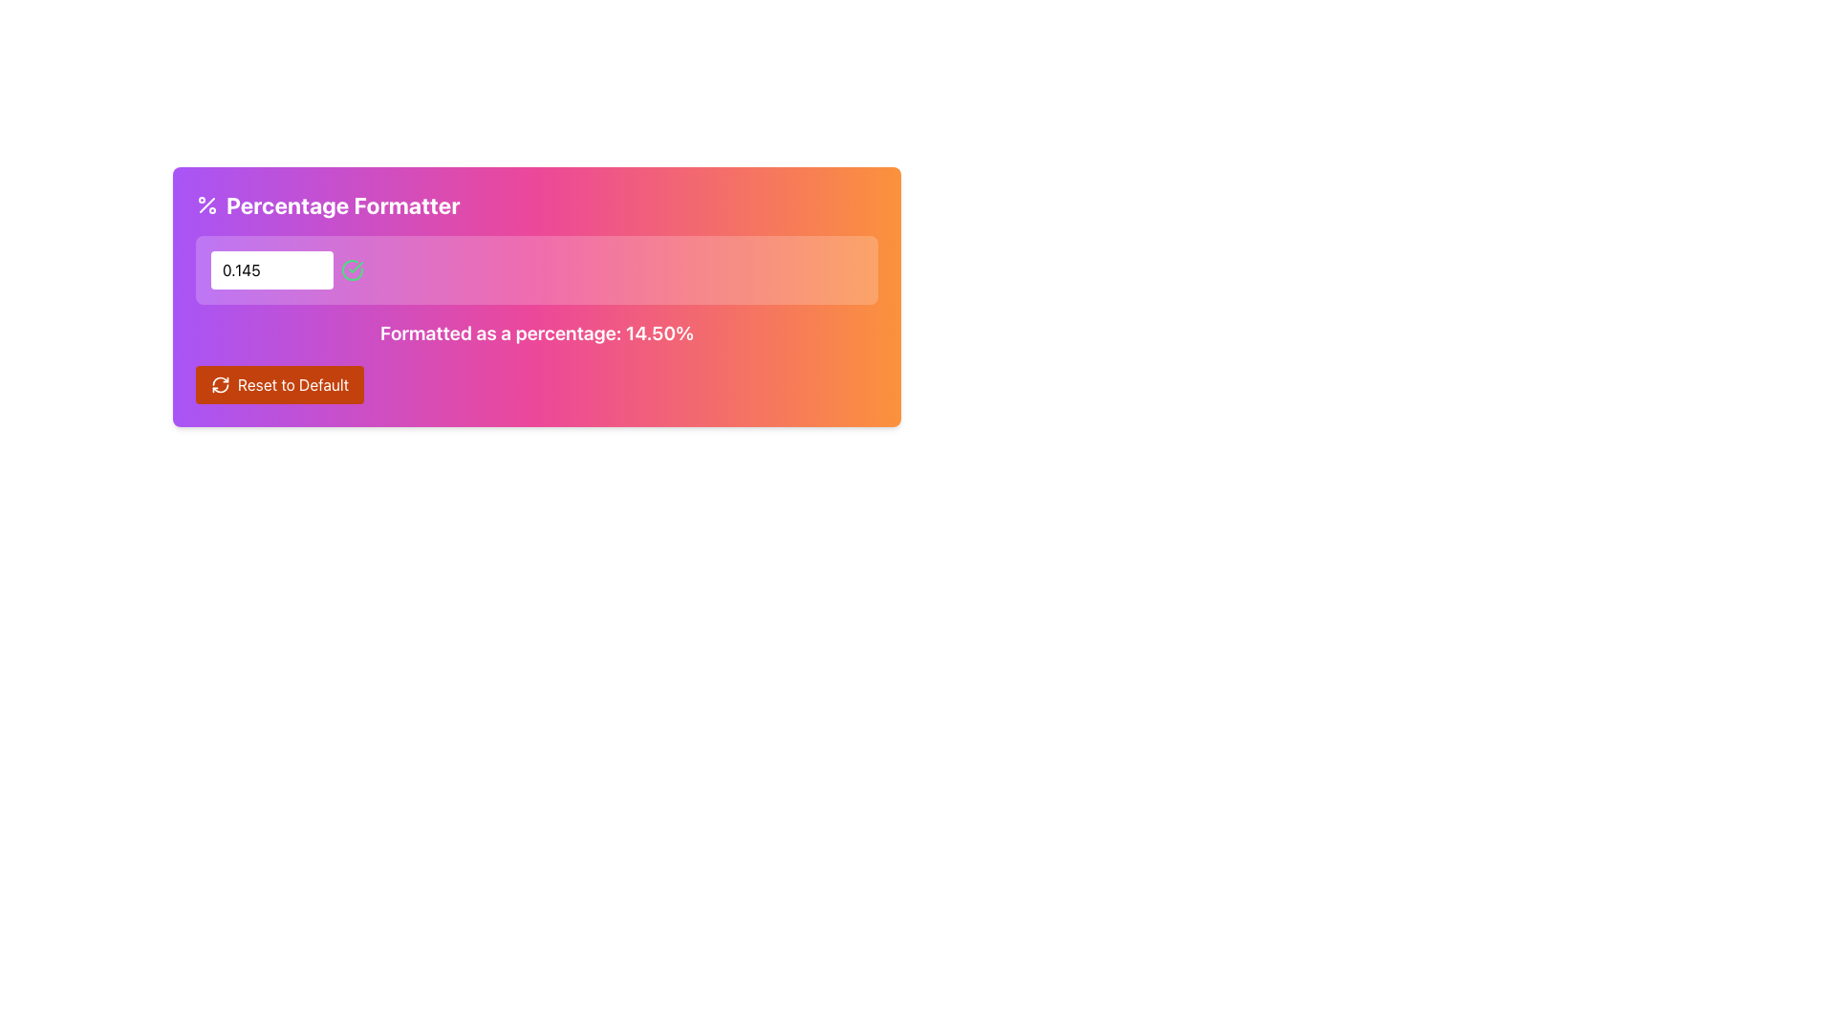 Image resolution: width=1835 pixels, height=1032 pixels. I want to click on circular icon with a green stroke and a checkmark inside, located to the right of the text input field in a gradient panel, so click(353, 269).